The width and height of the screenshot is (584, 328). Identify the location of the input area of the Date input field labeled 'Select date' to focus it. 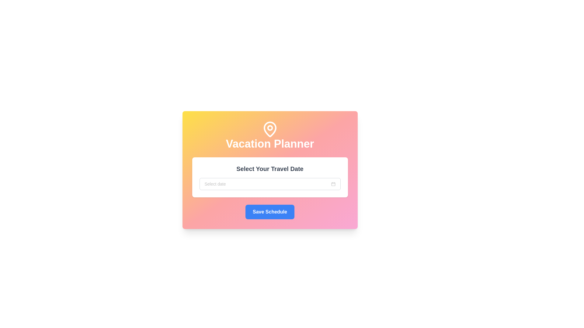
(269, 183).